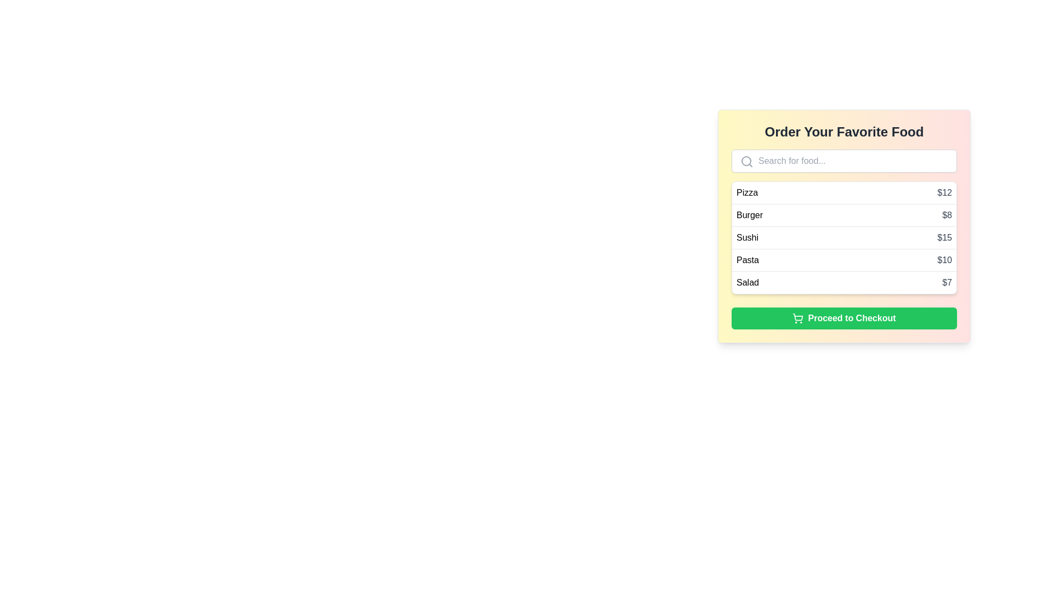 The height and width of the screenshot is (592, 1053). What do you see at coordinates (843, 237) in the screenshot?
I see `the third row of the food menu options, positioned between 'Burger' and 'Pasta'` at bounding box center [843, 237].